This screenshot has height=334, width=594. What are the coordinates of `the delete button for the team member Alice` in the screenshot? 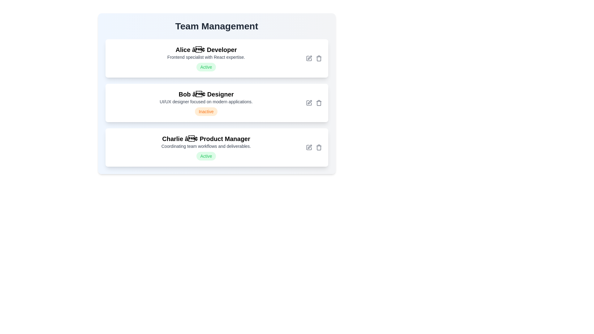 It's located at (319, 58).